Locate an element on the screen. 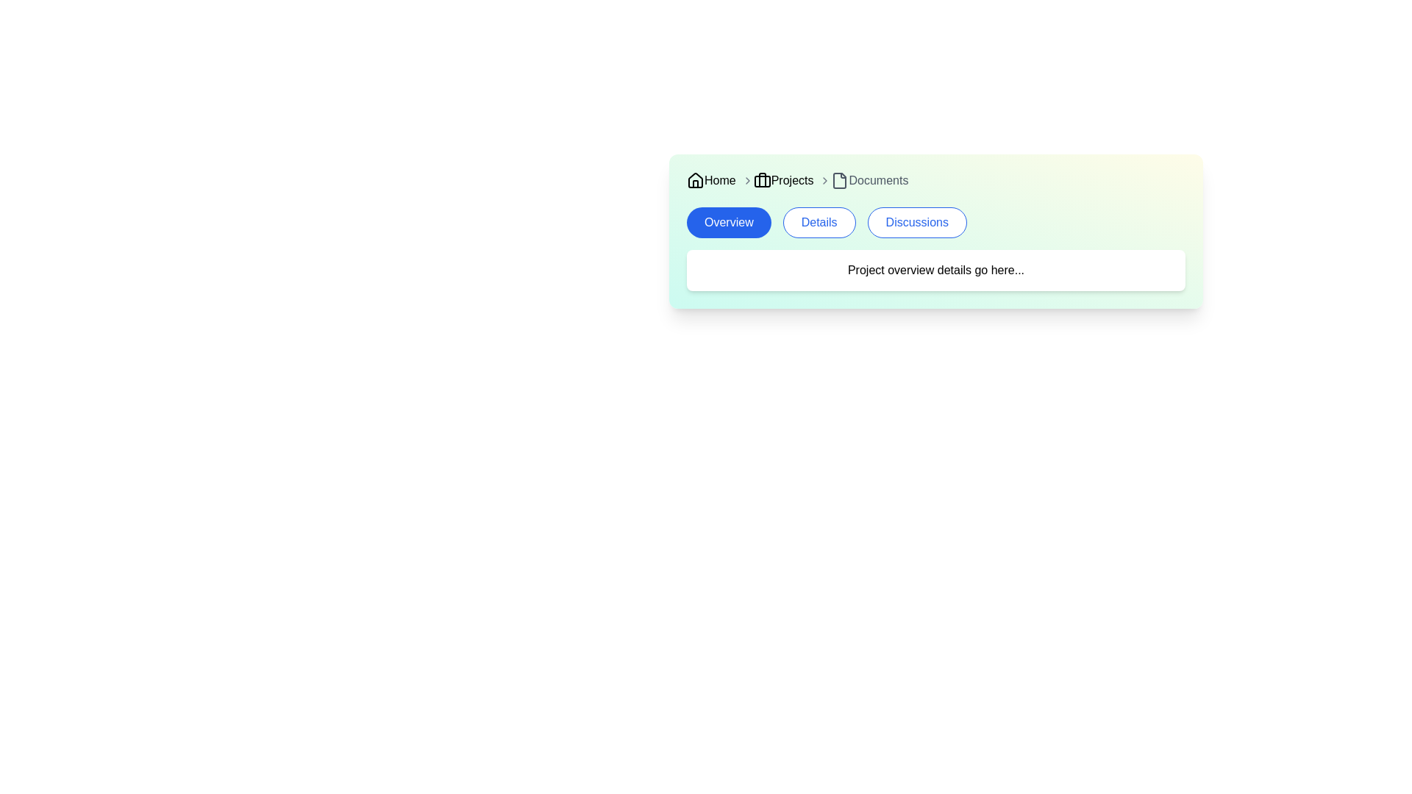 The image size is (1412, 794). the horizontal rectangle part of the stylized briefcase icon in the breadcrumb navigation labeled 'Projects' is located at coordinates (762, 180).